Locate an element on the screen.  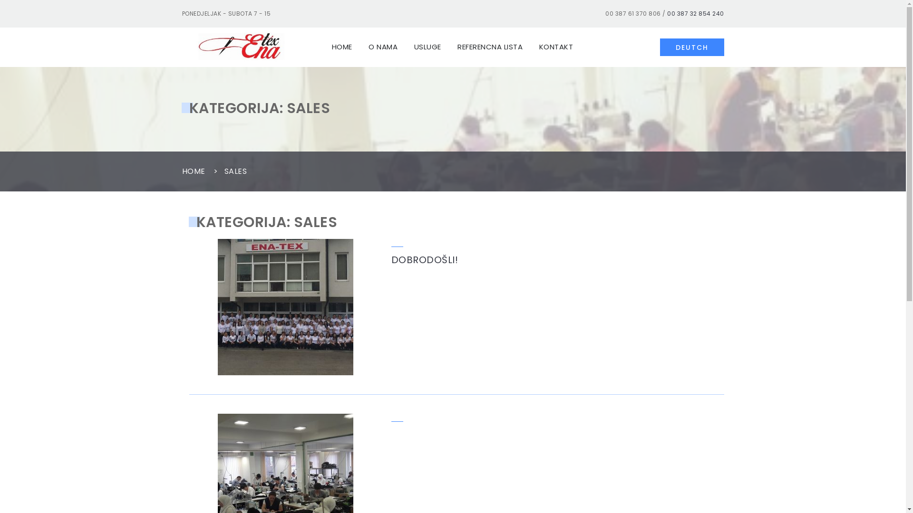
'KONTAKT' is located at coordinates (531, 47).